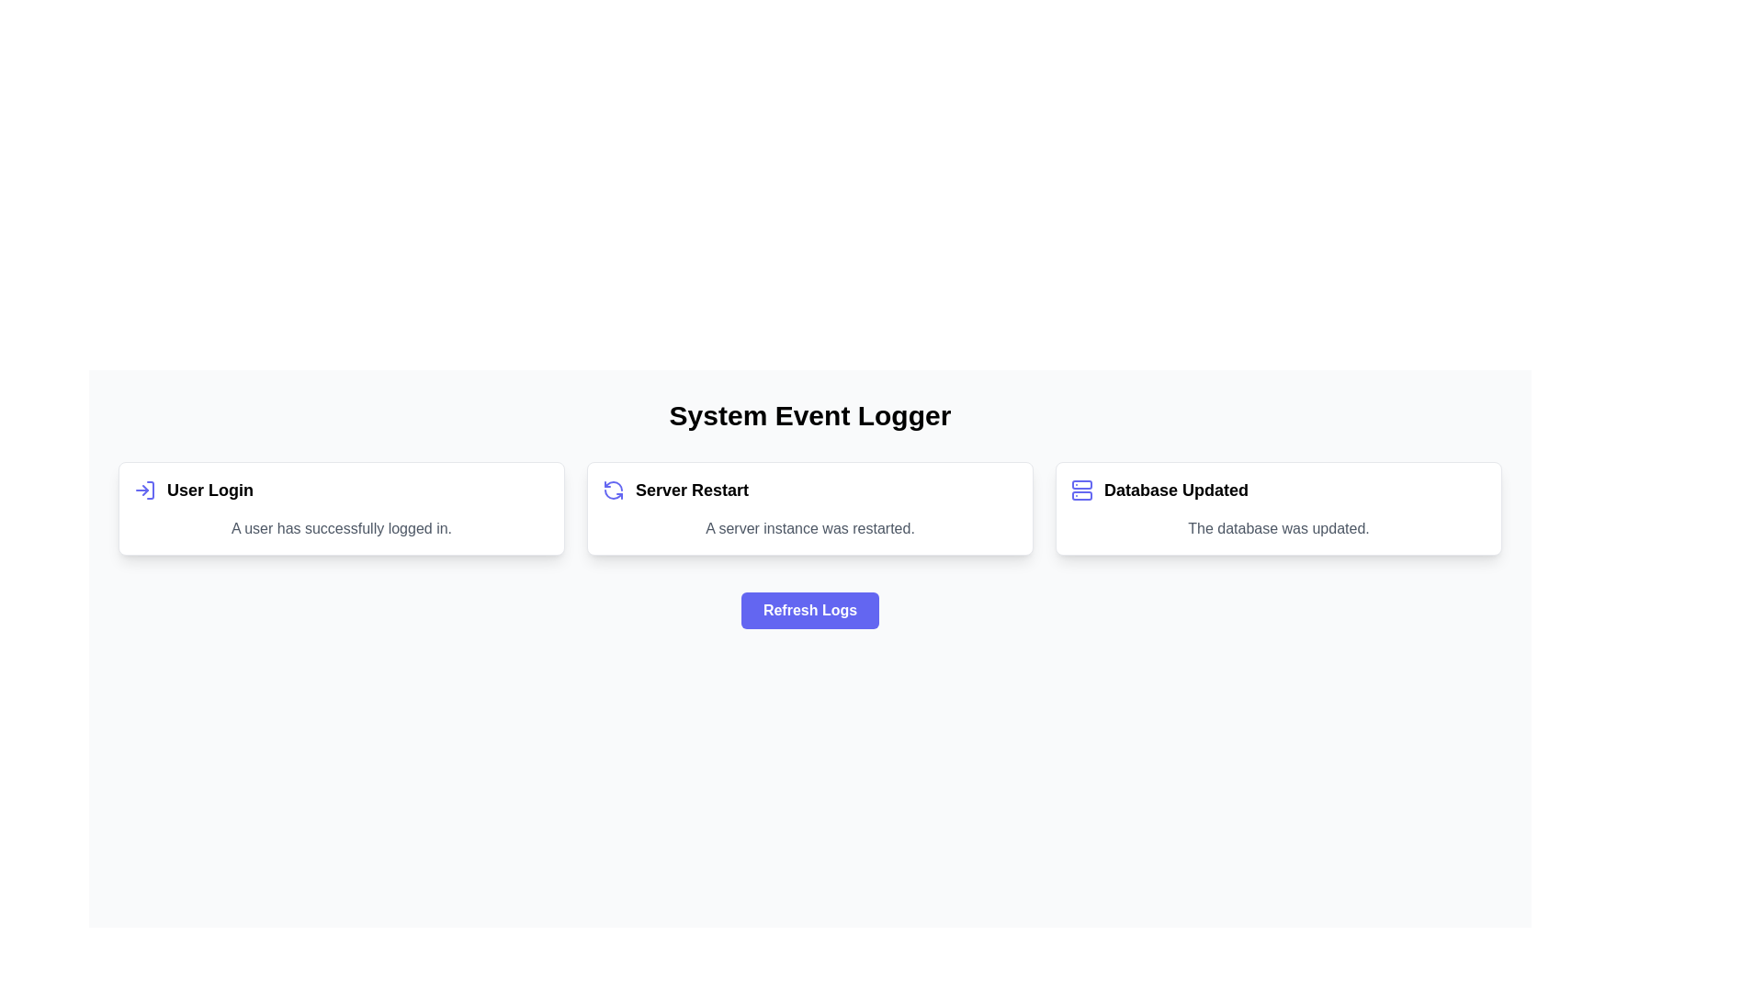 This screenshot has height=992, width=1764. What do you see at coordinates (809, 528) in the screenshot?
I see `the text label indicating that a server instance has recently been restarted, which is located in the second card under the title 'Server Restart'` at bounding box center [809, 528].